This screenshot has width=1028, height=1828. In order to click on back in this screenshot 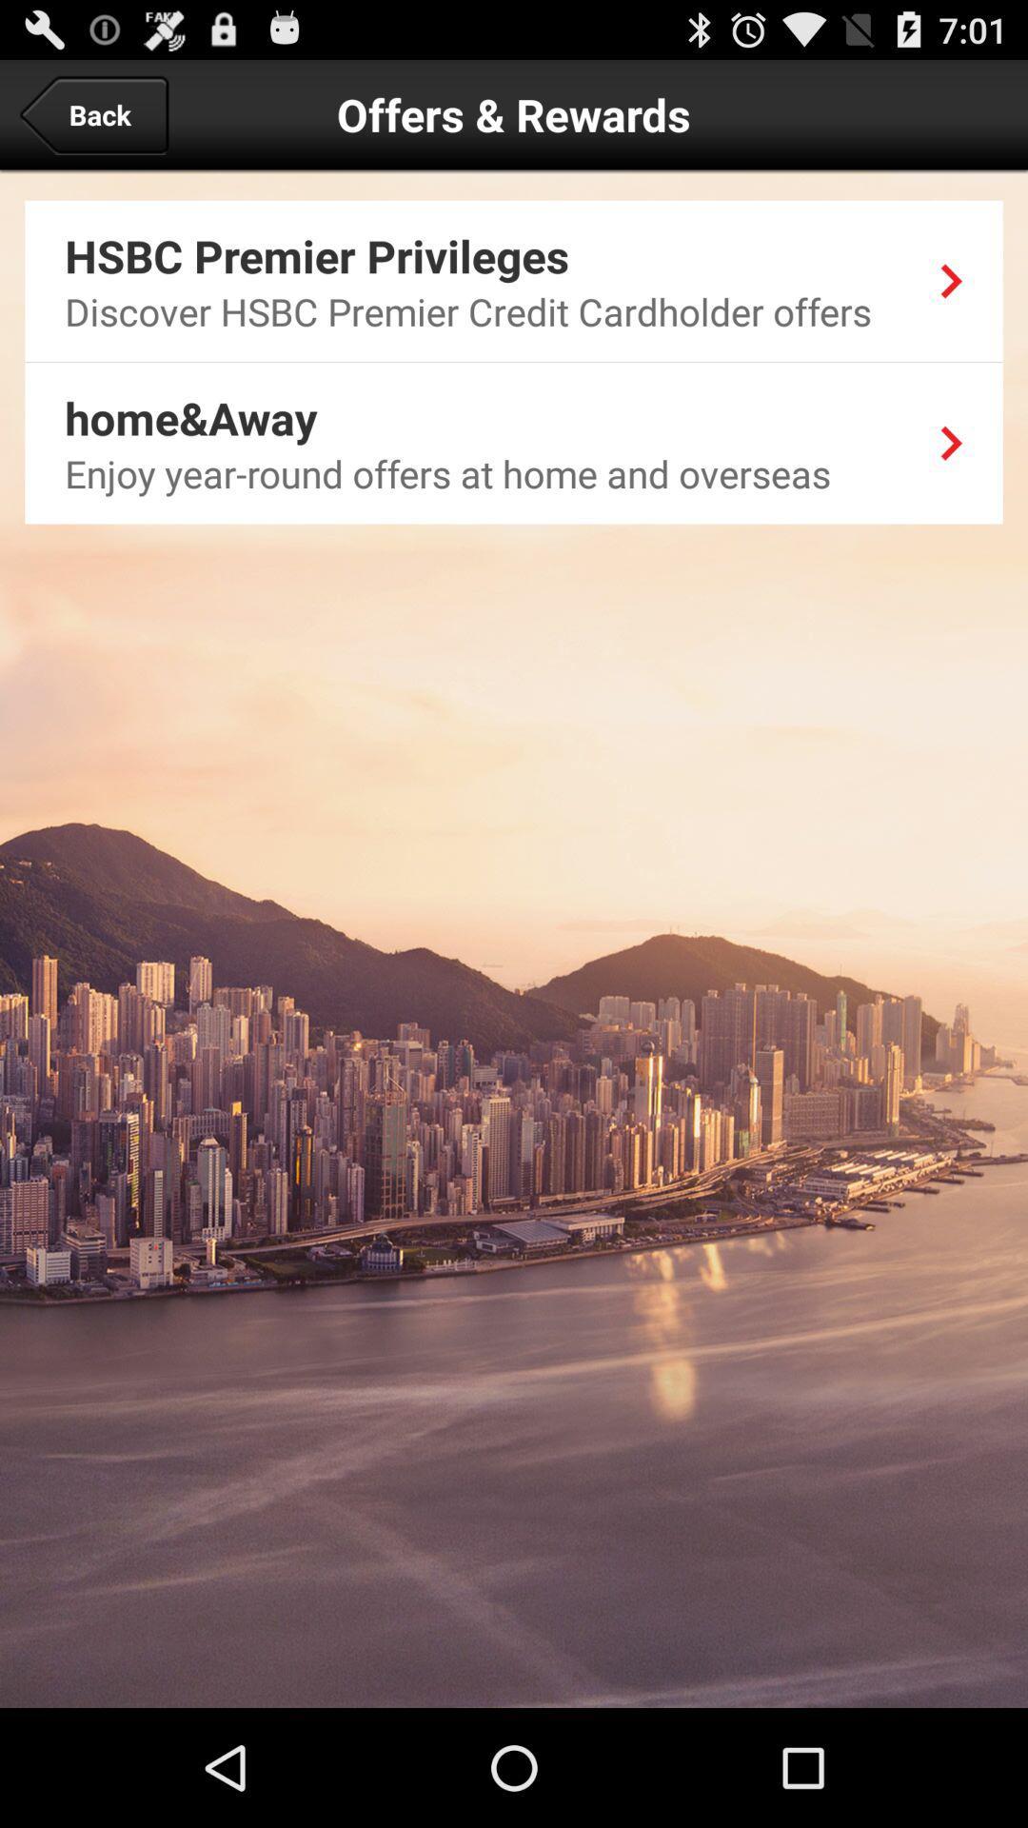, I will do `click(92, 113)`.